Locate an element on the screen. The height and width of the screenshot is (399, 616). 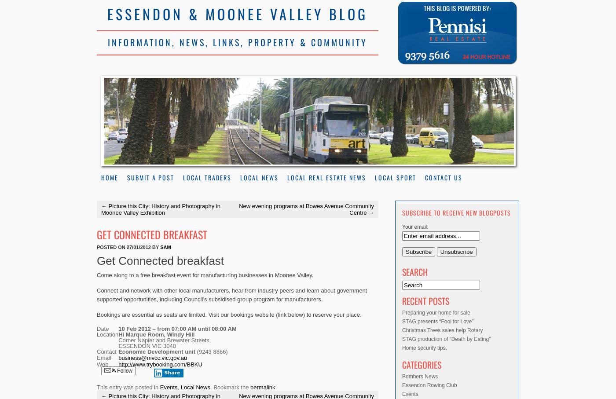
'(9243 8866)' is located at coordinates (211, 351).